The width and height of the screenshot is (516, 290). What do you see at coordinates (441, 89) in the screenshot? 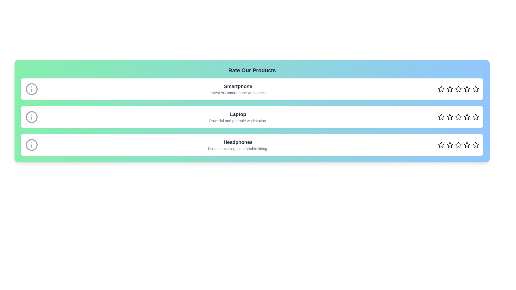
I see `the first rating star icon for the item 'Smartphone', which is part of a group of five horizontally-arranged stars` at bounding box center [441, 89].